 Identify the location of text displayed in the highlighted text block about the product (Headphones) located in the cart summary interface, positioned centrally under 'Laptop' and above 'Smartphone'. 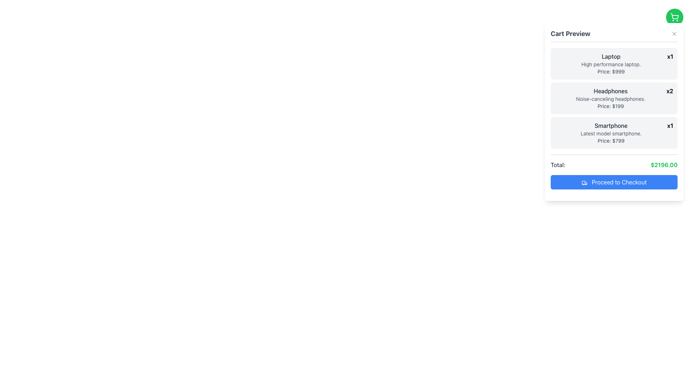
(610, 98).